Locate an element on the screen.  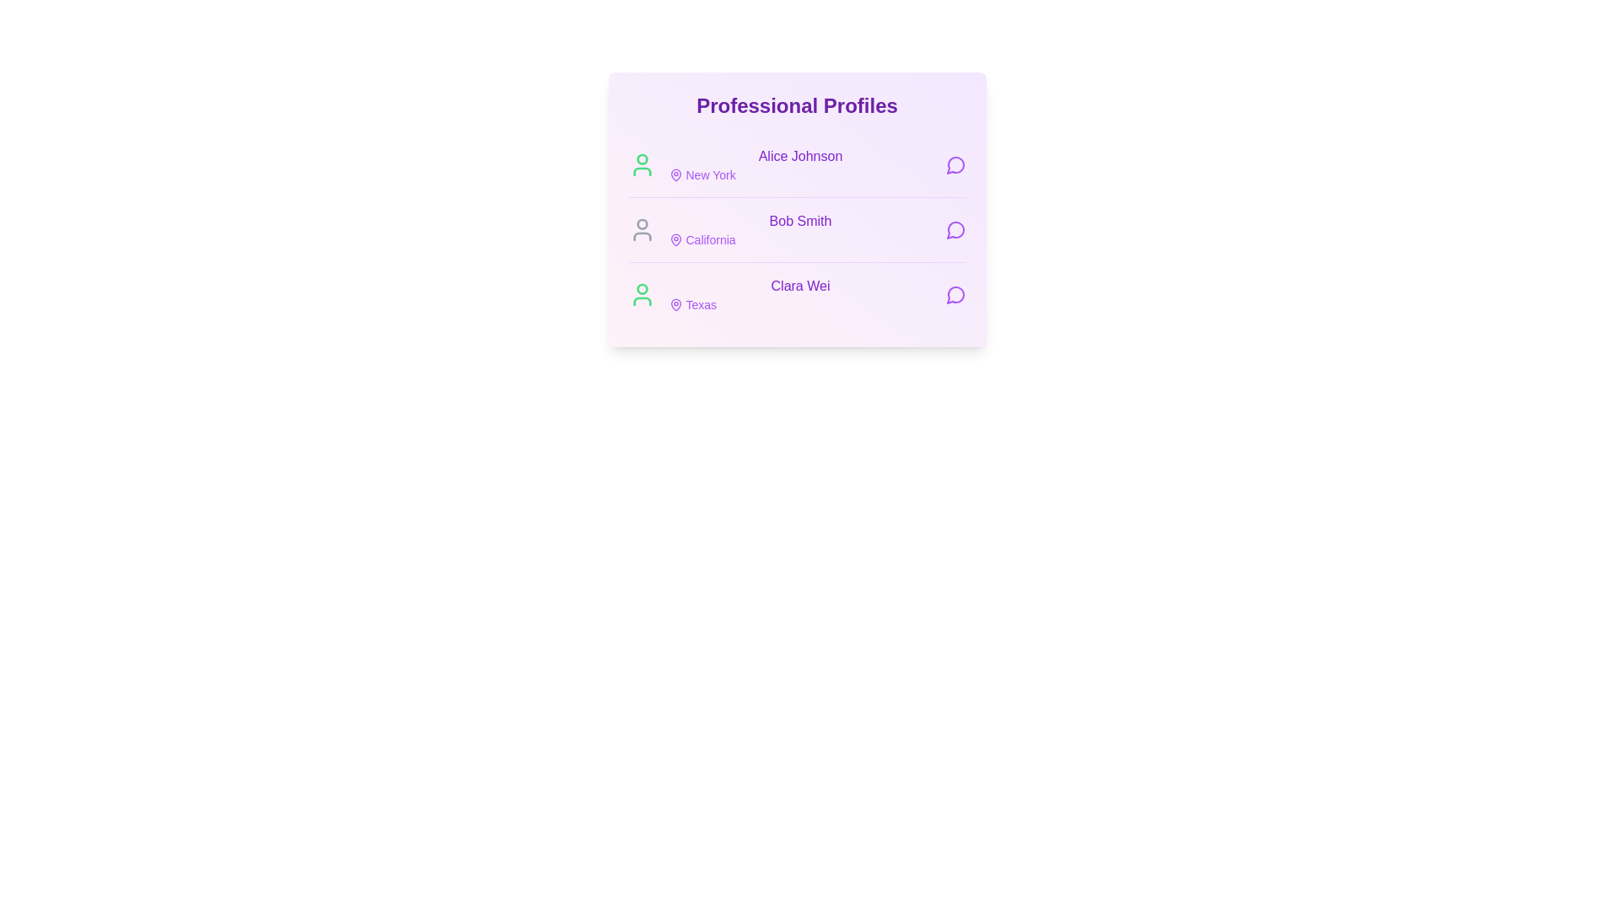
the user icon corresponding to Alice Johnson to indicate their online status is located at coordinates (641, 165).